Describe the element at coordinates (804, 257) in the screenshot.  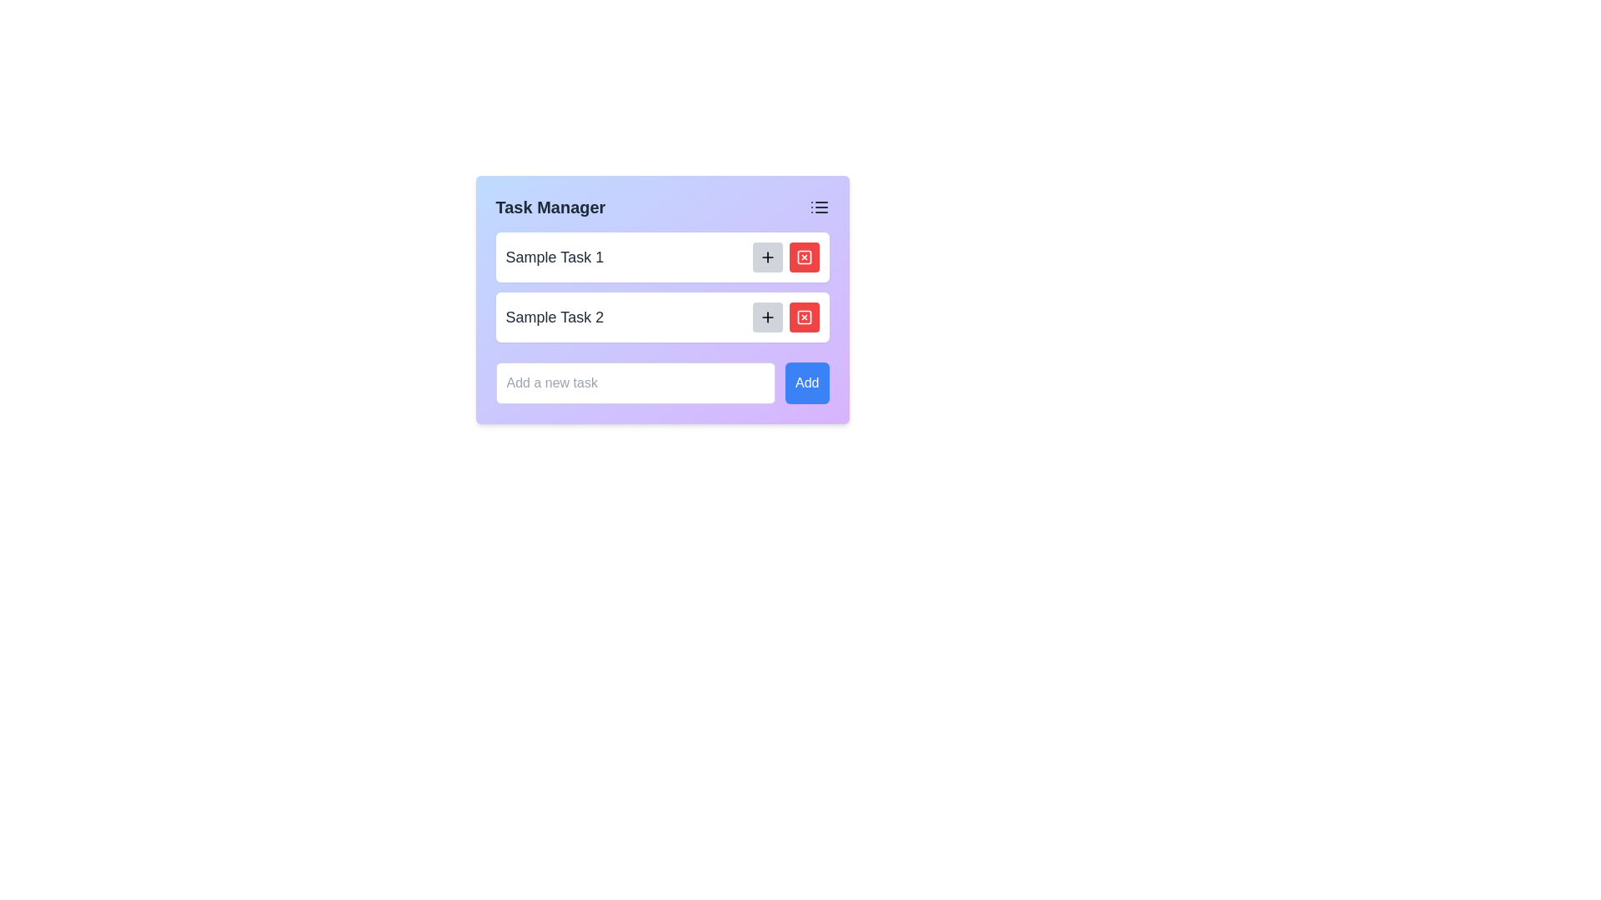
I see `the red rounded rectangular button with a white 'X' icon for tooltip or visual feedback` at that location.